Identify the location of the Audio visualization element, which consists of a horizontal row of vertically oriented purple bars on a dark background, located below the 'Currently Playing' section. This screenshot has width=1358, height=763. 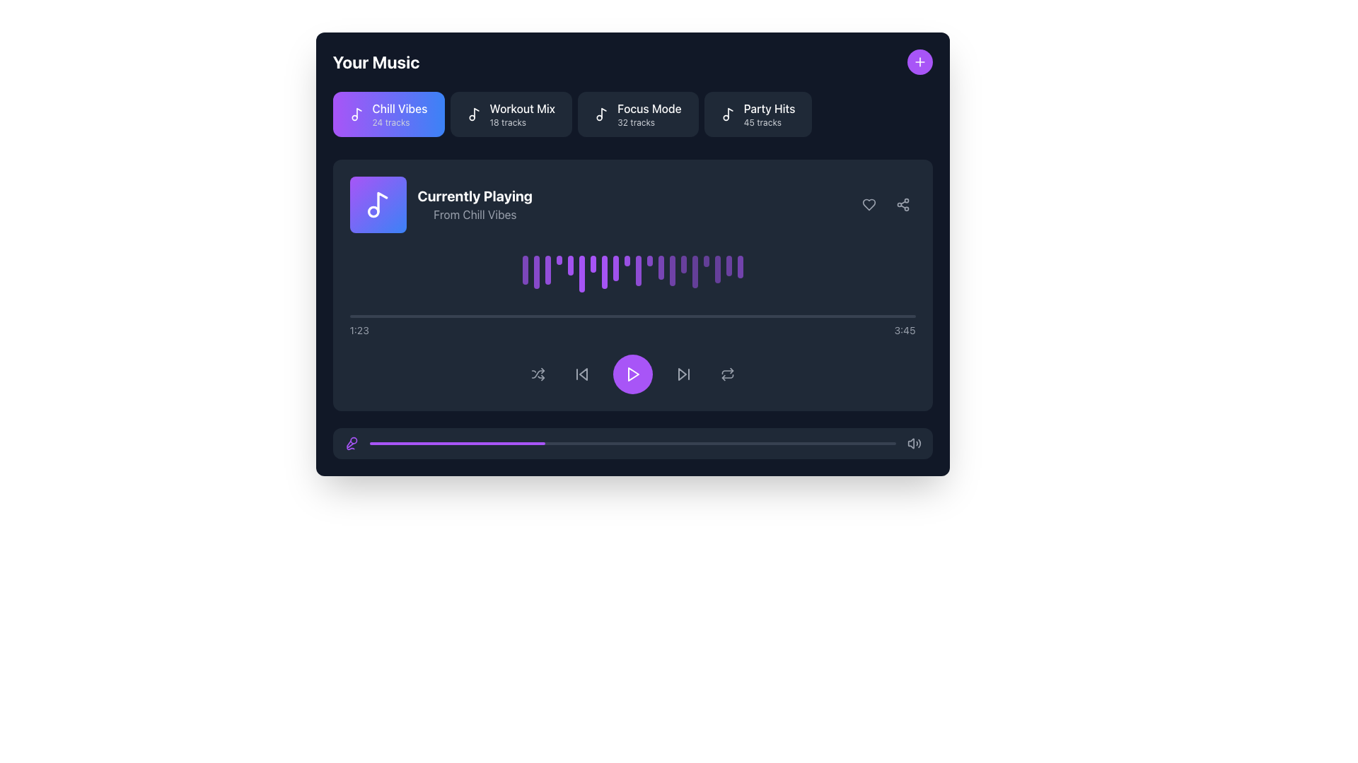
(632, 274).